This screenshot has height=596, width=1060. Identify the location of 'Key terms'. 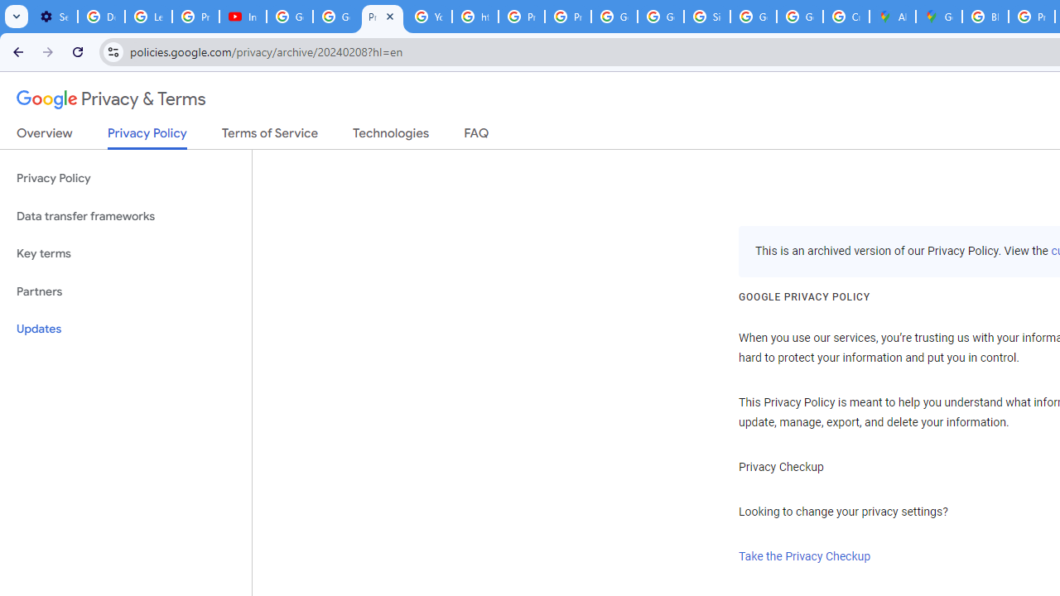
(125, 253).